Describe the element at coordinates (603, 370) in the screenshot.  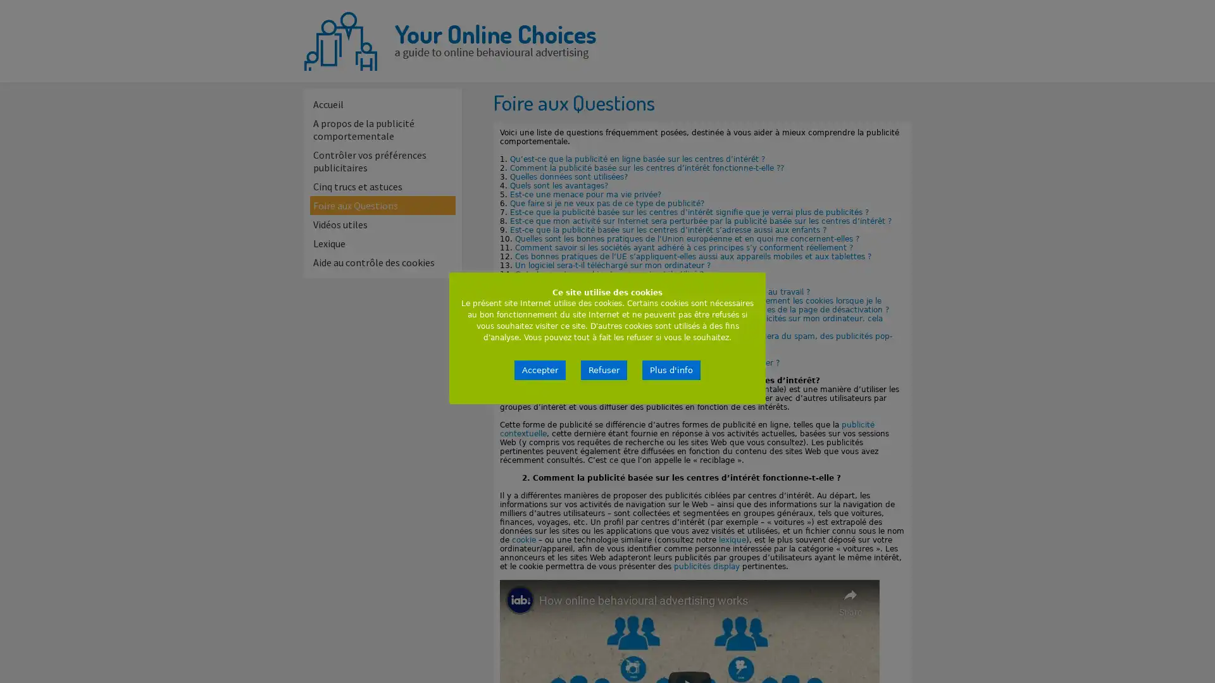
I see `Refuser` at that location.